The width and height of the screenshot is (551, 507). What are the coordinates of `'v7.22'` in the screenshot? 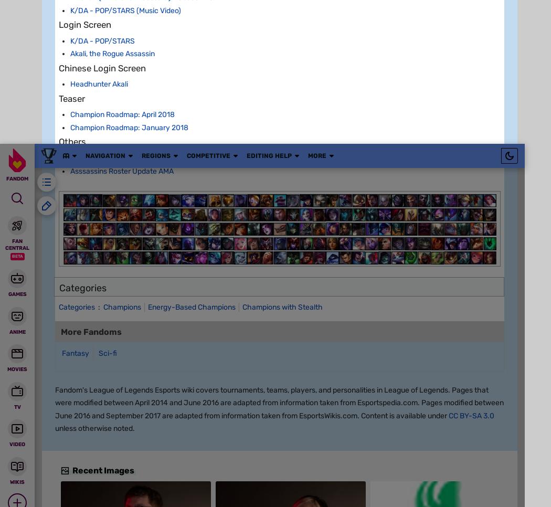 It's located at (72, 363).